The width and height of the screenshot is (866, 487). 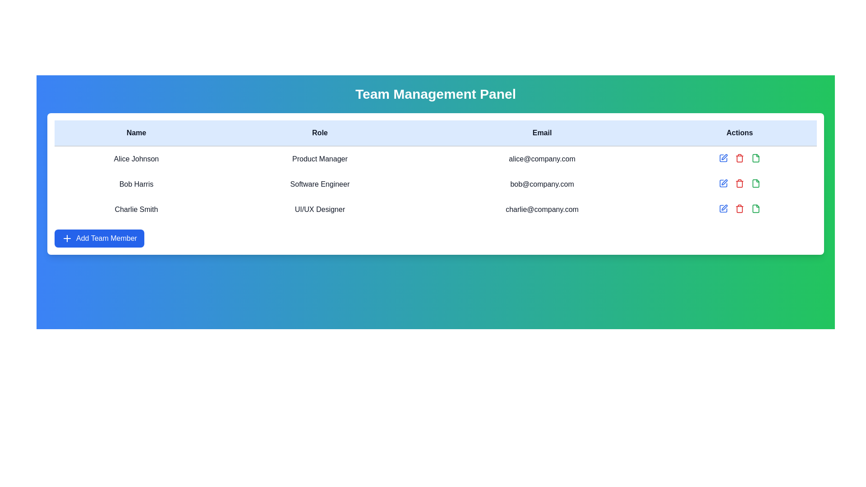 I want to click on the pen icon in the second row of the 'Actions' column for editing the entry associated with 'Bob Harris', so click(x=724, y=156).